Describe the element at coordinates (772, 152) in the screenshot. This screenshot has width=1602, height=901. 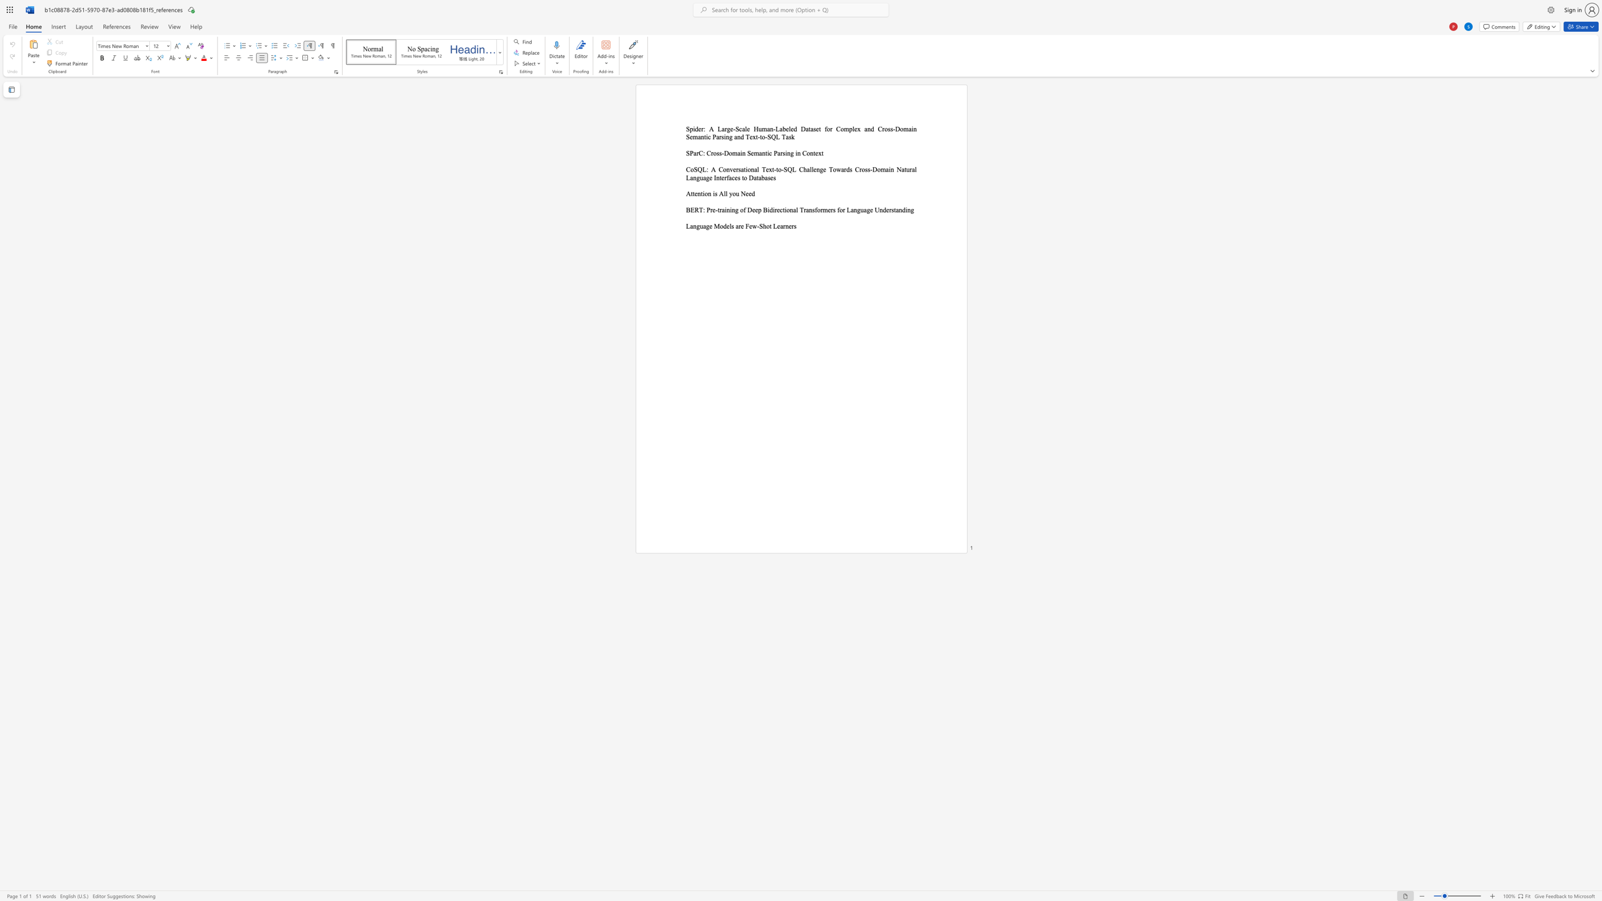
I see `the subset text "Pars" within the text "SParC: Cross-Domain Semantic Parsing in Context"` at that location.